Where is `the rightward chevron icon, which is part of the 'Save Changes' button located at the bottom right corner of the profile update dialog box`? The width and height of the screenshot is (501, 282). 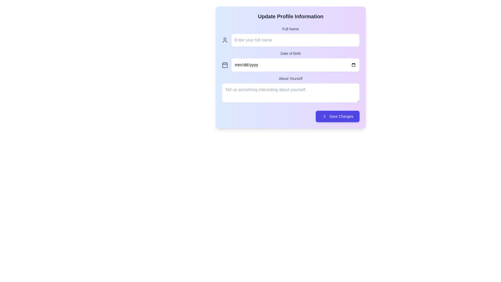 the rightward chevron icon, which is part of the 'Save Changes' button located at the bottom right corner of the profile update dialog box is located at coordinates (324, 116).